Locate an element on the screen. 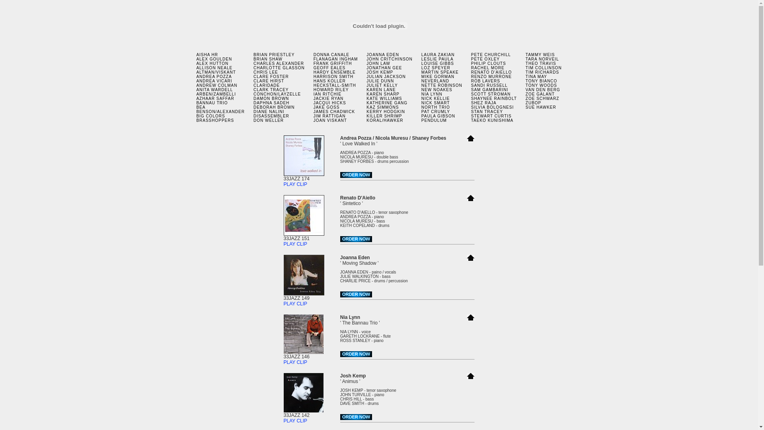 The height and width of the screenshot is (430, 764). 'SHAYNEE RAINBOLT' is located at coordinates (493, 98).